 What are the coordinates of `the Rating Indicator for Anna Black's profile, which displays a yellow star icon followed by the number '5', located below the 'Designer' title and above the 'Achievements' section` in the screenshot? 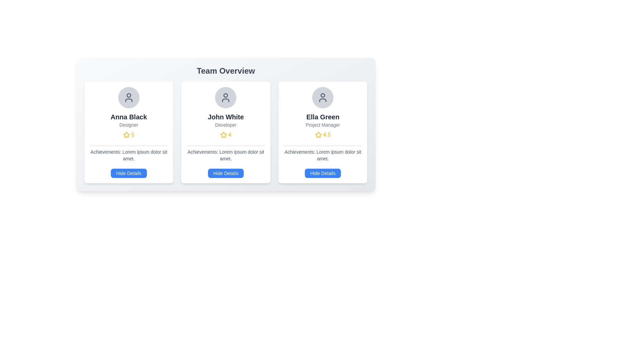 It's located at (129, 135).